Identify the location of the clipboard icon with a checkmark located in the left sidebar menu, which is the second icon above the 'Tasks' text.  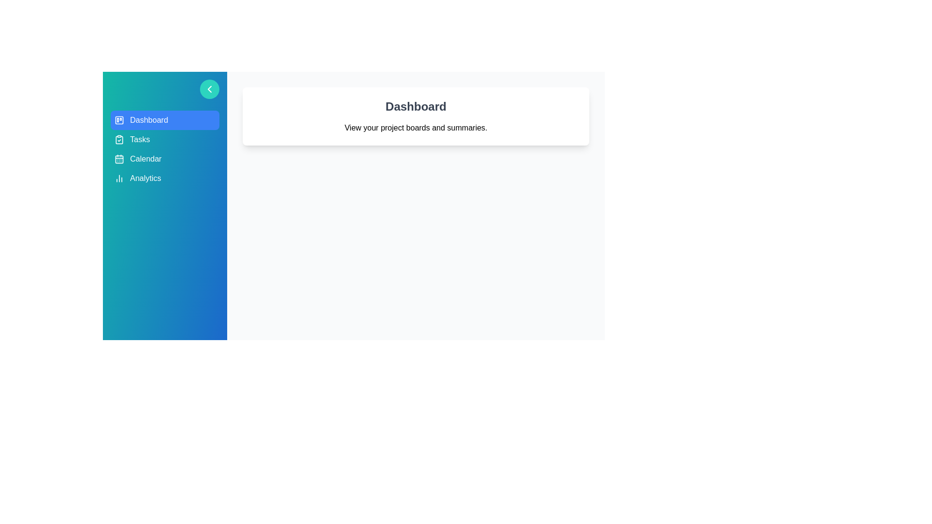
(118, 140).